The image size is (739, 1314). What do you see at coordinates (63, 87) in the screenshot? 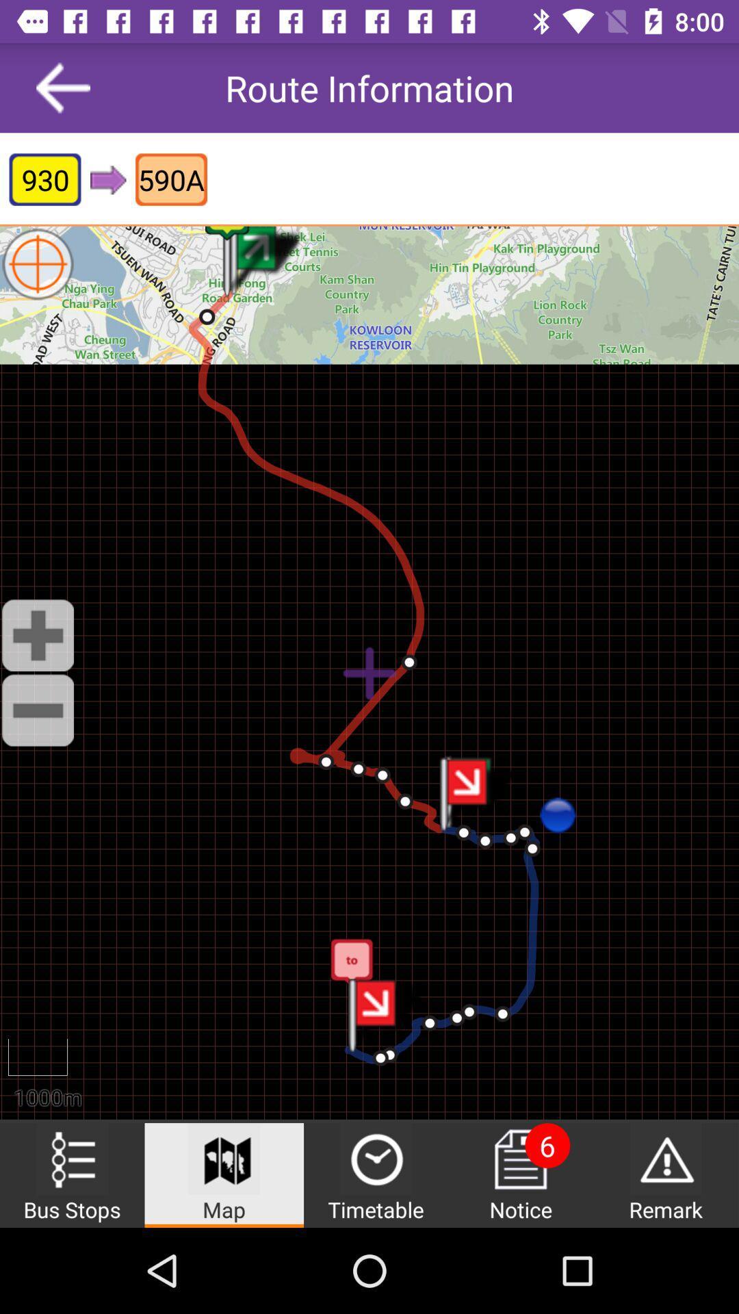
I see `icon next to the route information` at bounding box center [63, 87].